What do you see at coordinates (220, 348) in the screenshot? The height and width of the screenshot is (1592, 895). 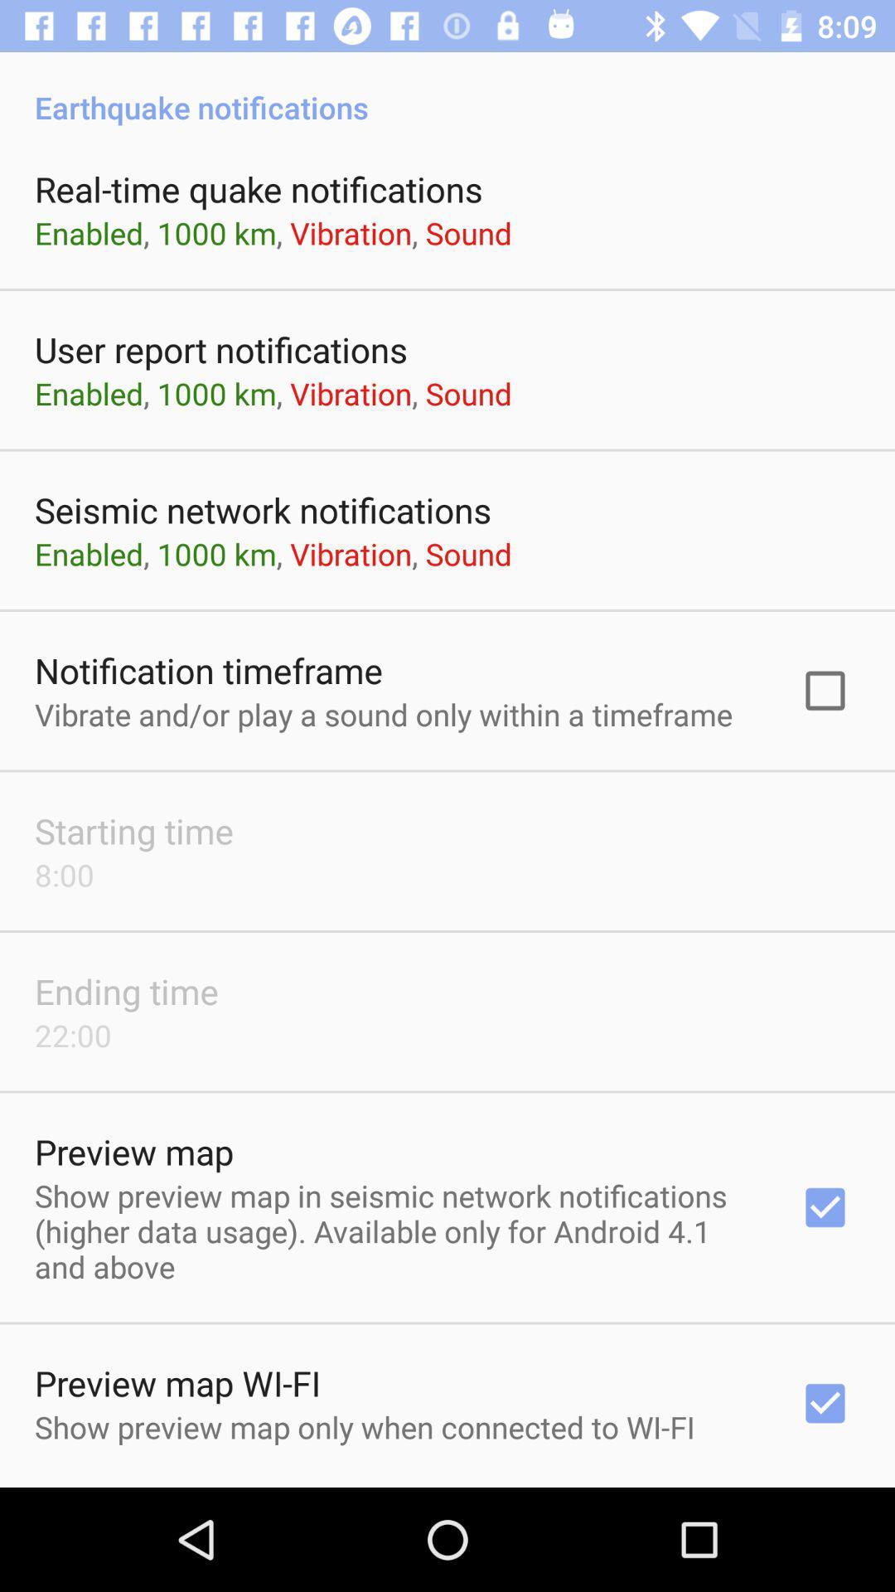 I see `the item below enabled 1000 km app` at bounding box center [220, 348].